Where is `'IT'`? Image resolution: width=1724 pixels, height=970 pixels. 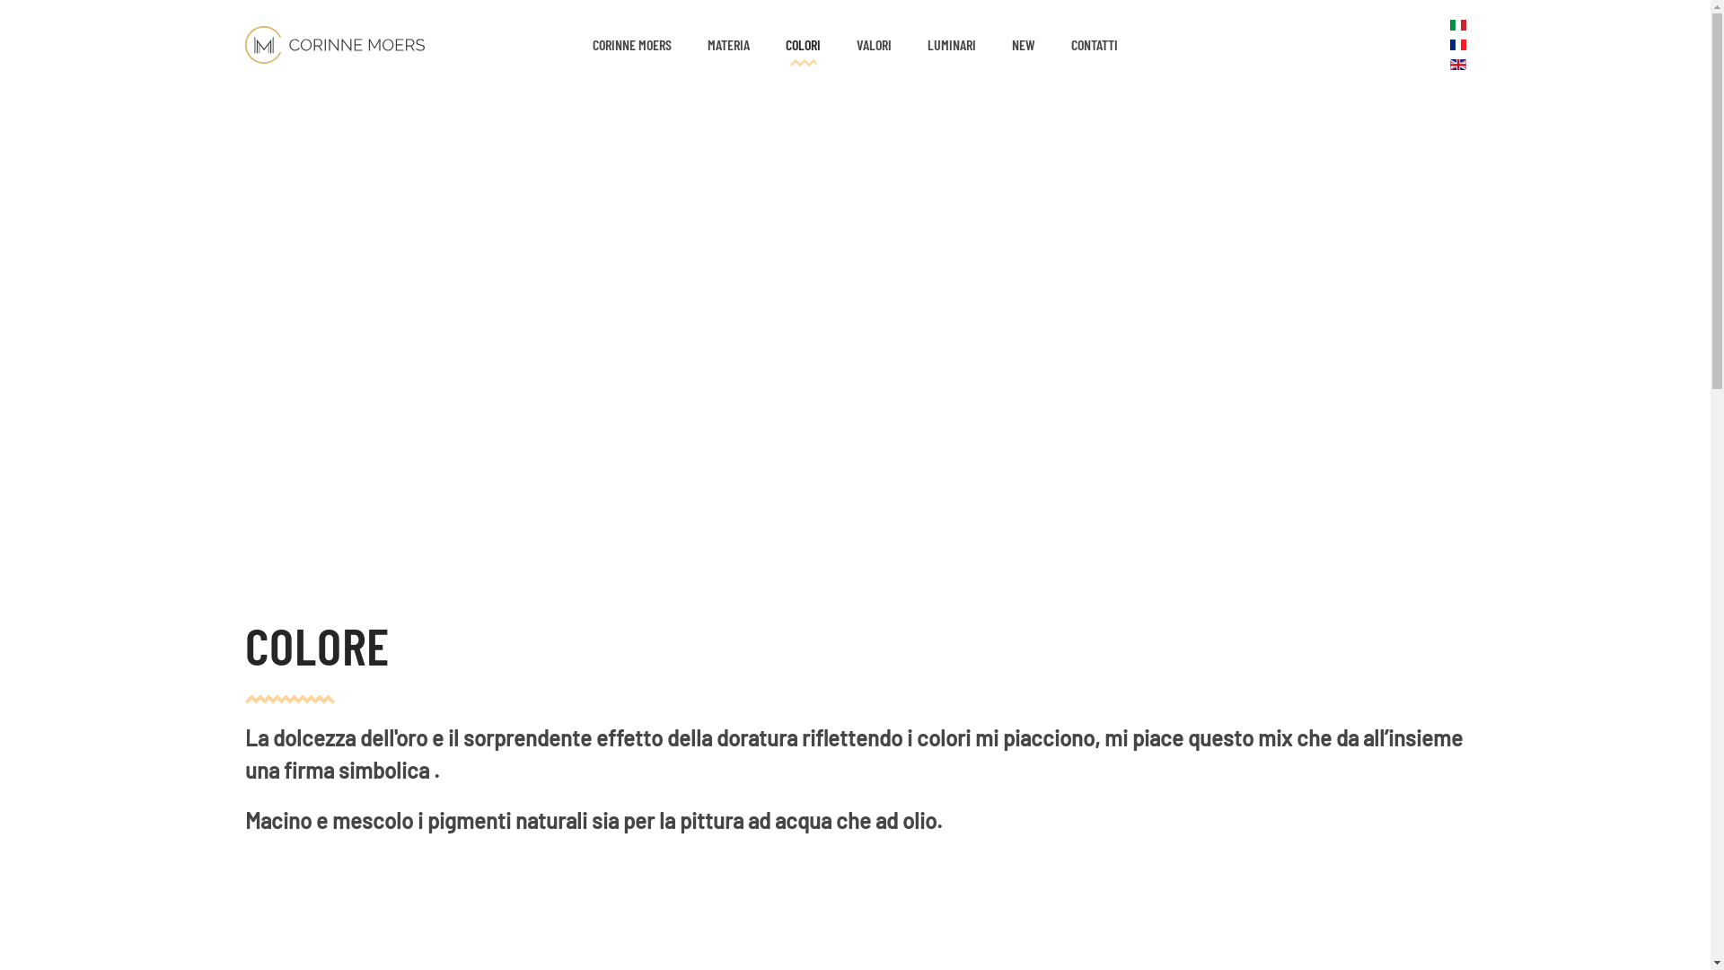 'IT' is located at coordinates (1456, 24).